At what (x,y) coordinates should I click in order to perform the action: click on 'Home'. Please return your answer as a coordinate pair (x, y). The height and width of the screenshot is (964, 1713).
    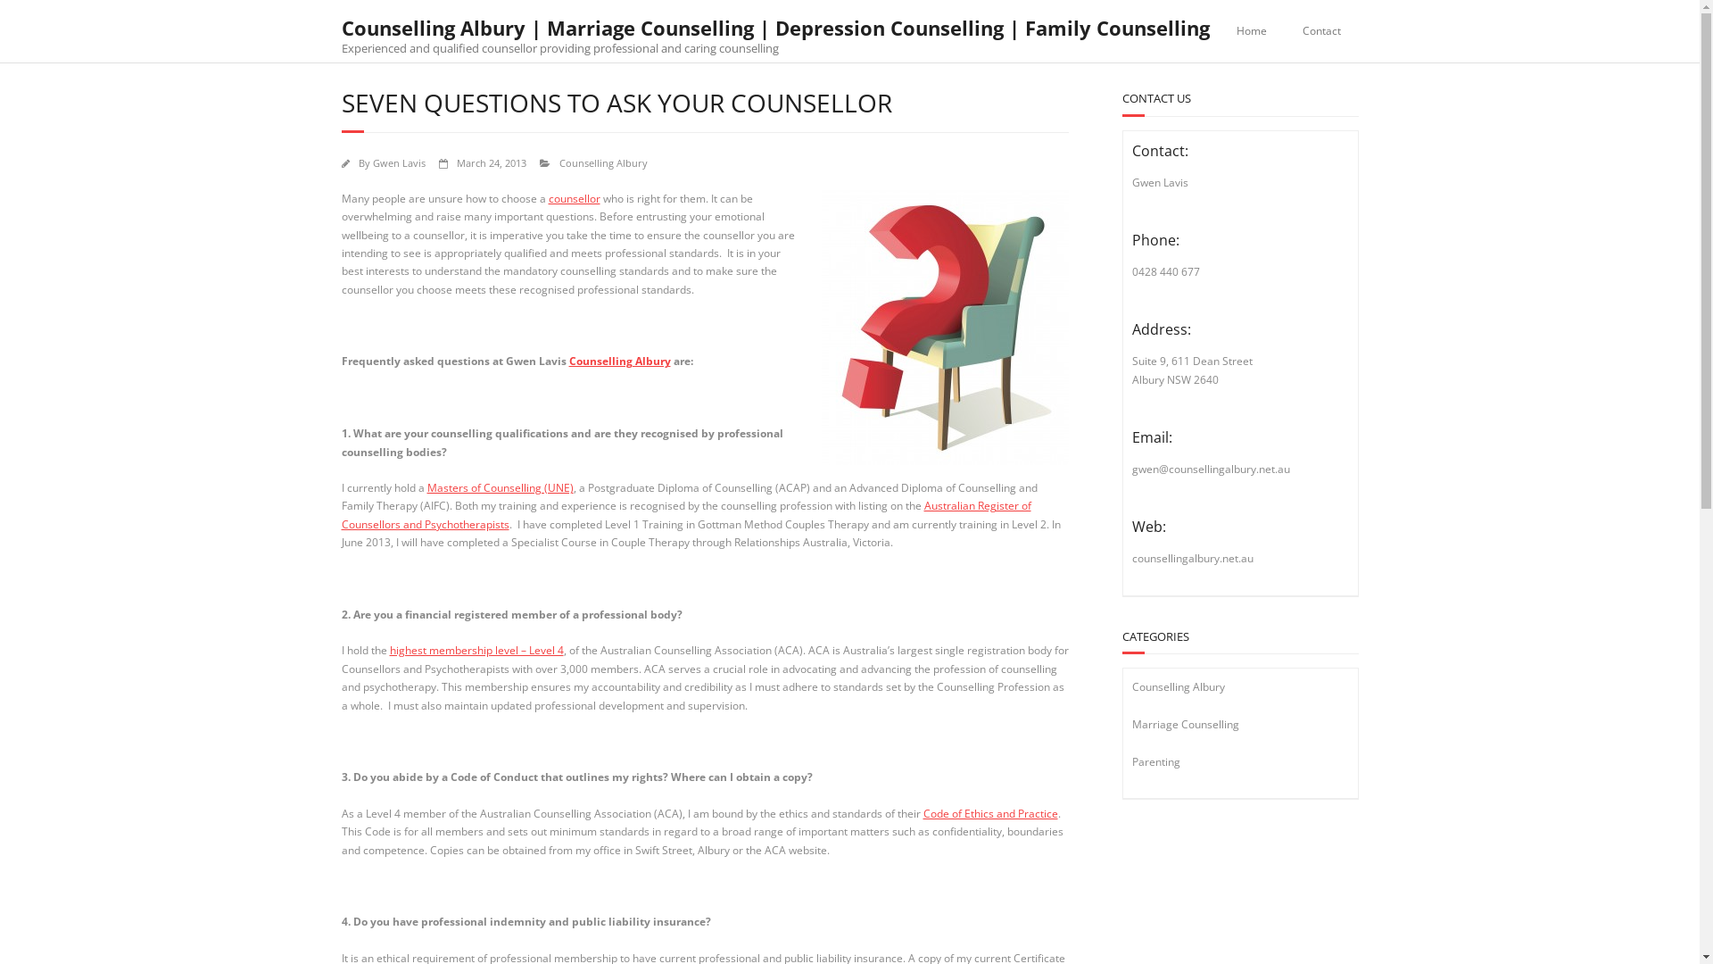
    Looking at the image, I should click on (1218, 30).